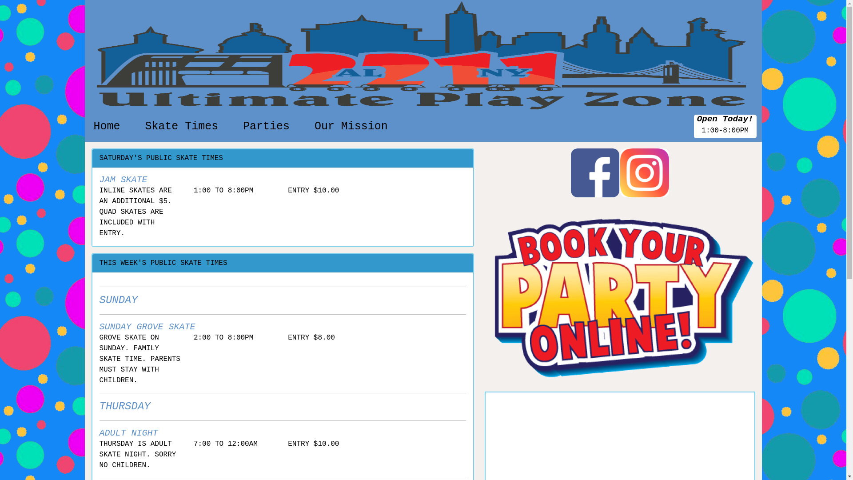 The width and height of the screenshot is (853, 480). Describe the element at coordinates (725, 126) in the screenshot. I see `'Open Today!` at that location.